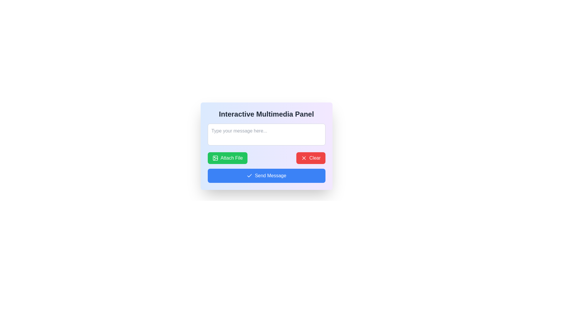  Describe the element at coordinates (215, 158) in the screenshot. I see `the green button labeled 'Attach File' that contains the icon` at that location.